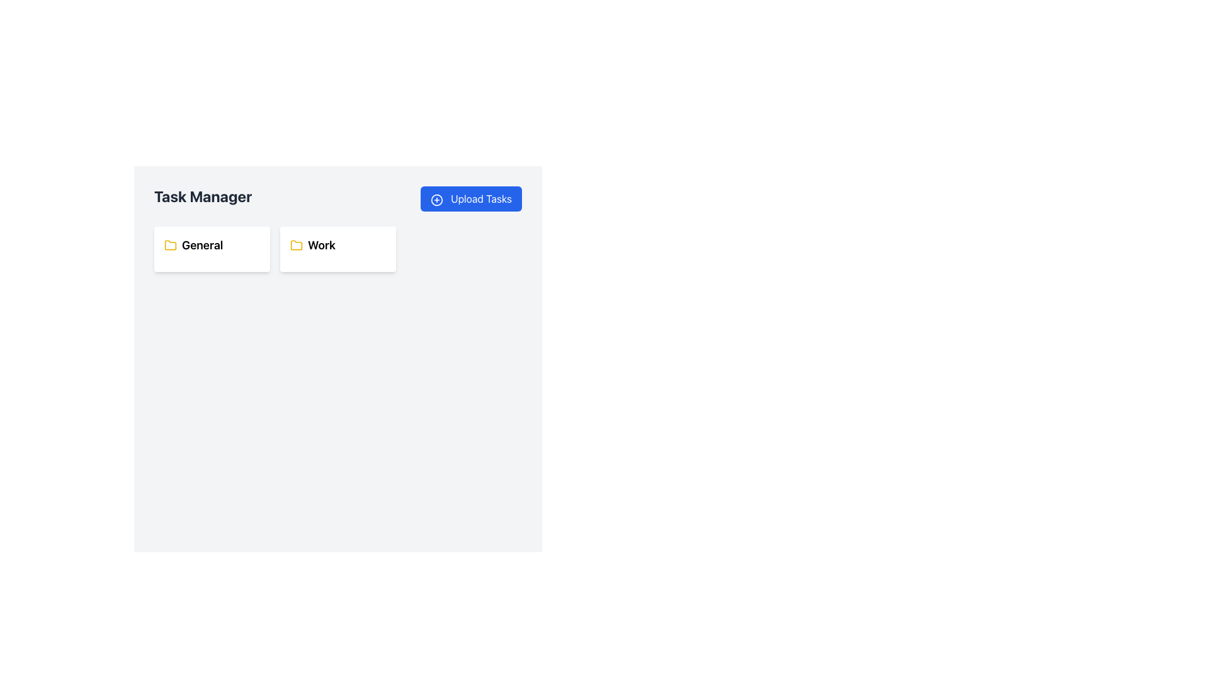  Describe the element at coordinates (212, 245) in the screenshot. I see `the 'General' text label` at that location.